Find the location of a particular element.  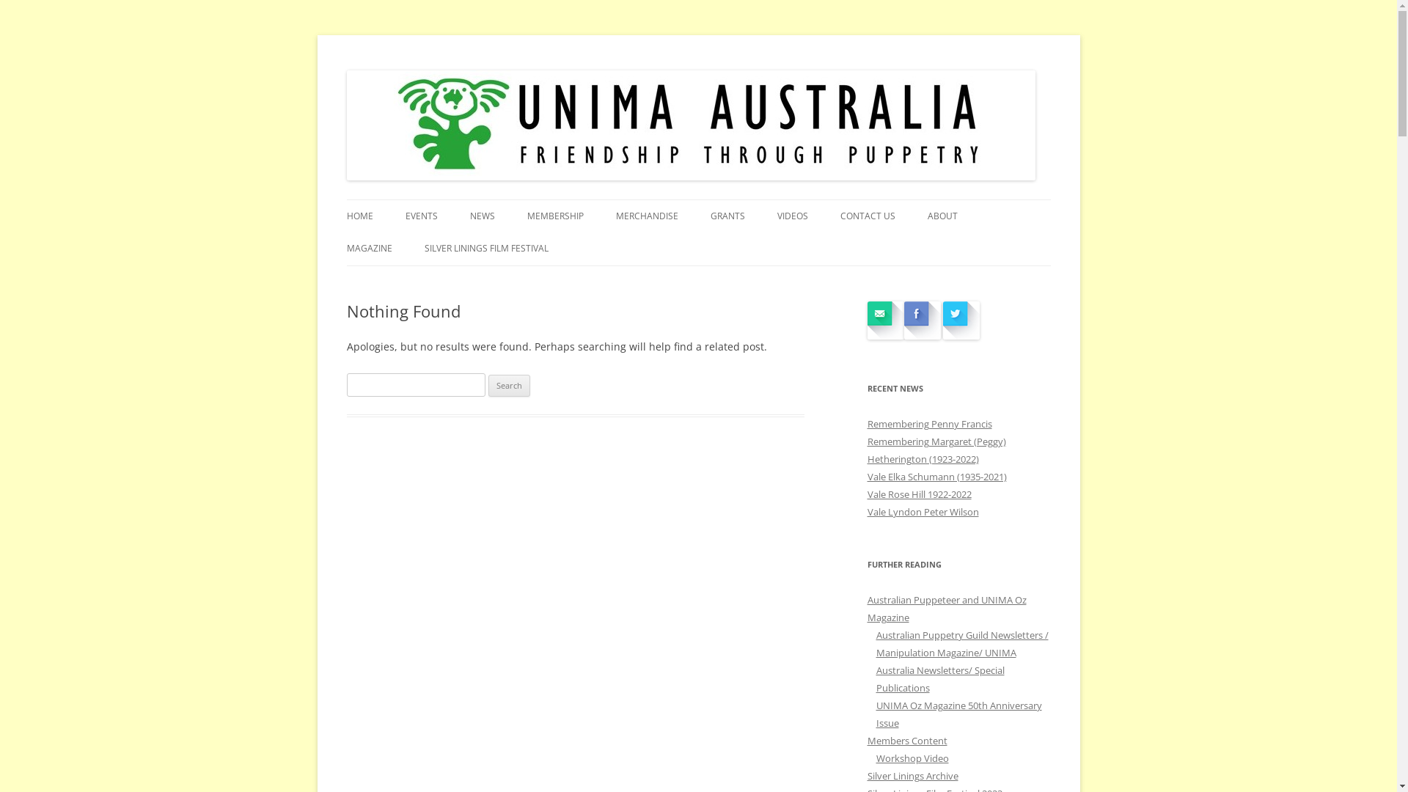

'MERCHANDISE' is located at coordinates (616, 216).